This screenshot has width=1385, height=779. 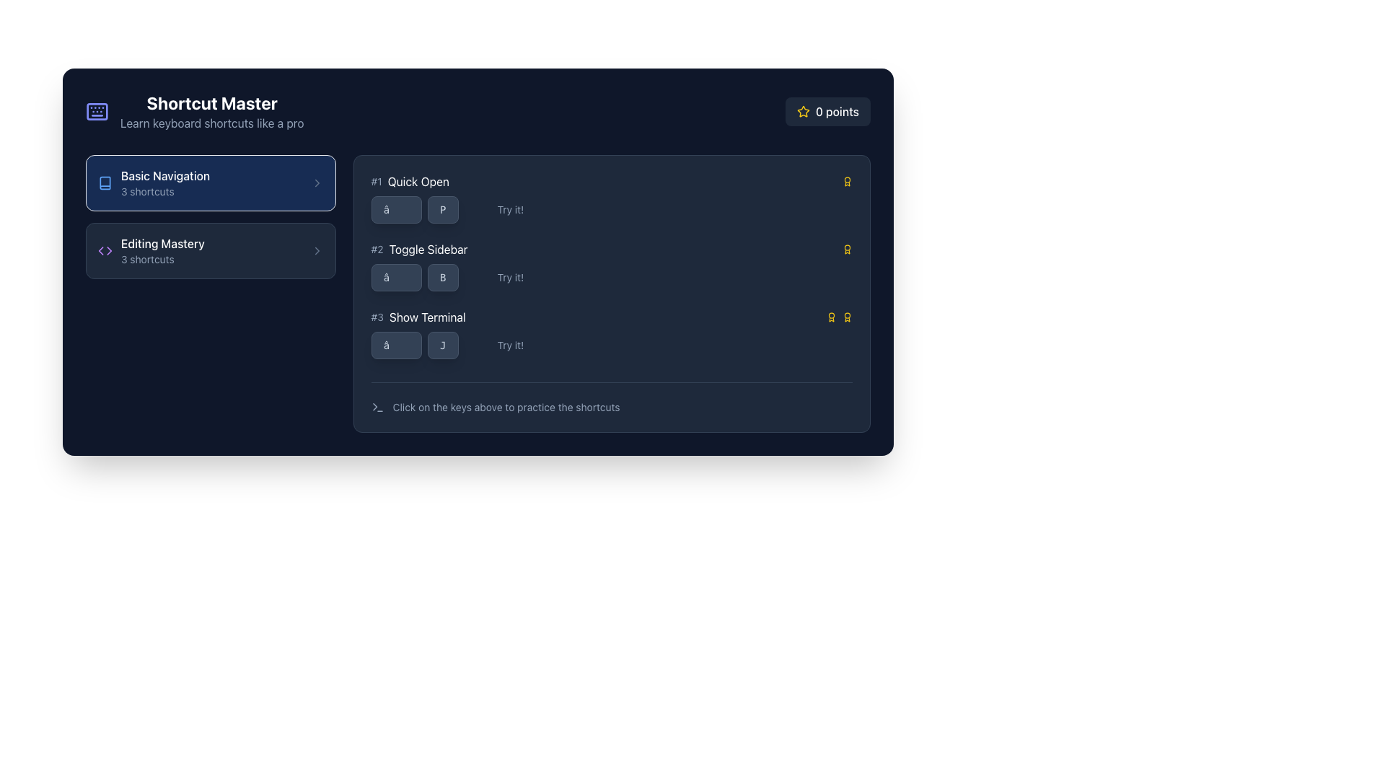 What do you see at coordinates (96, 110) in the screenshot?
I see `the rectangular base of the keyboard illustration, which is part of an SVG icon and serves as a visual component without interaction` at bounding box center [96, 110].